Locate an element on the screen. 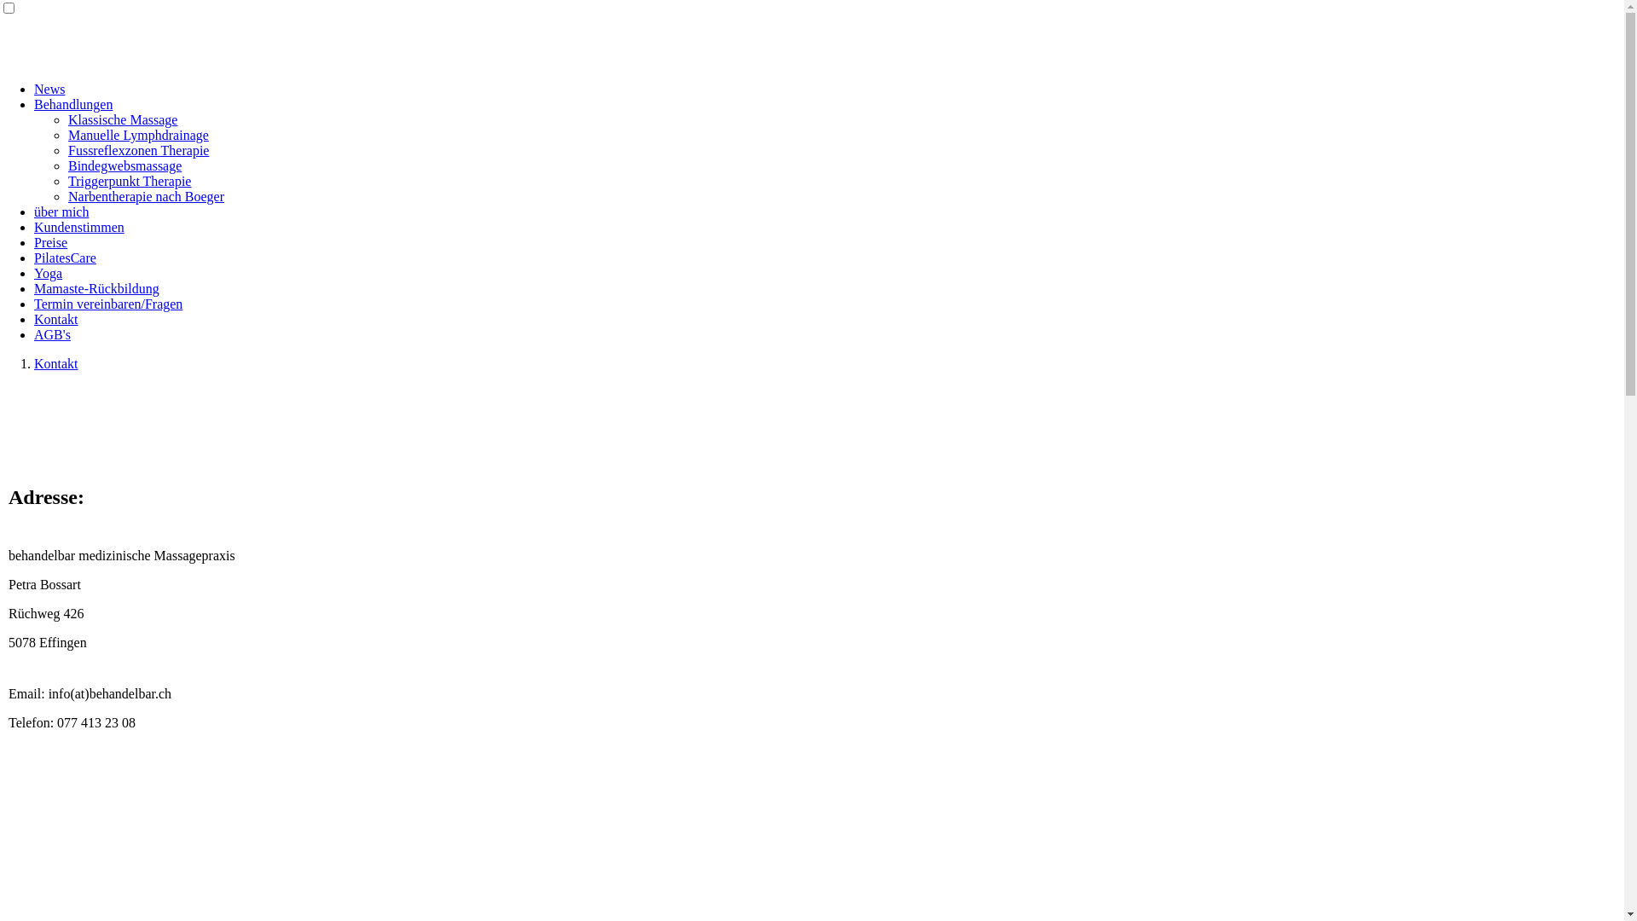  'Yoga' is located at coordinates (48, 272).